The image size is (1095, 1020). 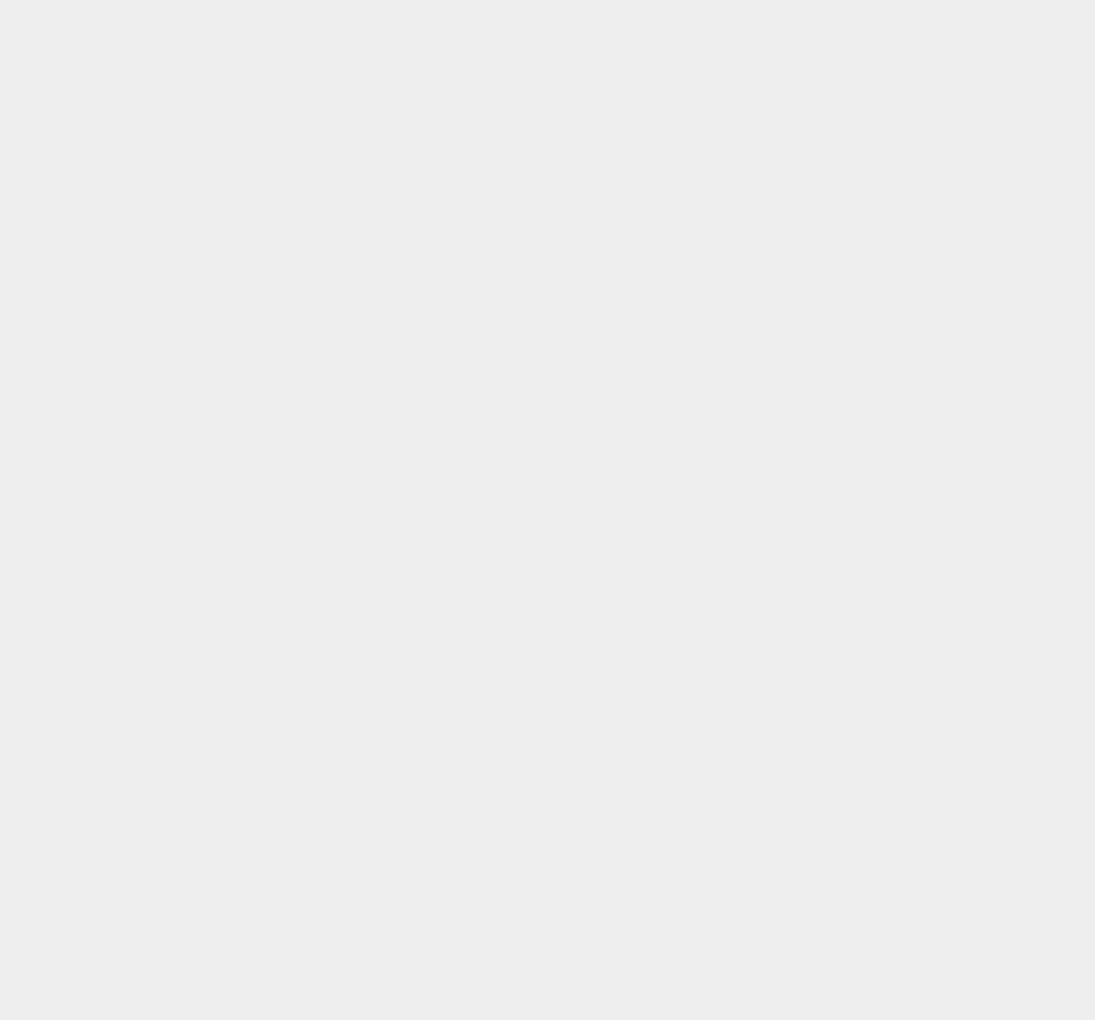 I want to click on 'Google', so click(x=773, y=566).